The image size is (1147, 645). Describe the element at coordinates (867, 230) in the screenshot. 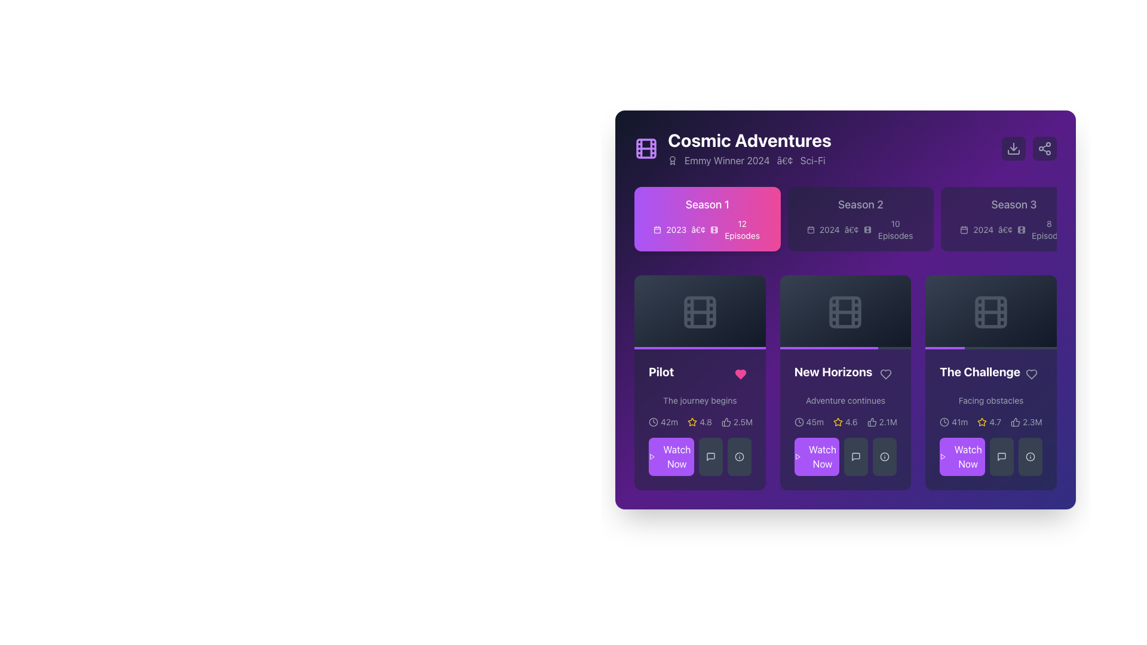

I see `the Decorative SVG element that visually represents a film reel icon, located at the center of a button adjacent to the title 'Cosmic Adventures' in the top-left corner of the interface` at that location.